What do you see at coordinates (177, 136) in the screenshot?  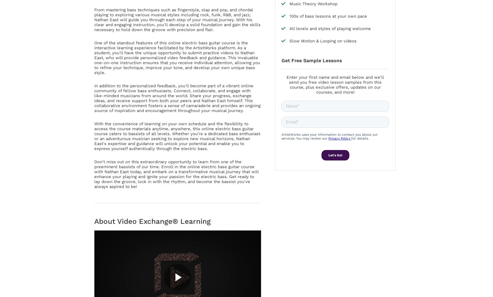 I see `'With the convenience of learning on your own schedule and the flexibility to access the course materials anytime, anywhere, this online electric bass guitar course caters to bassists of all levels. Whether you're a dedicated bass enthusiast or an adventurous musician seeking to explore new musical horizons, Nathan East's expertise and guidance will unlock your potential and enable you to express yourself authentically through the electric bass.'` at bounding box center [177, 136].